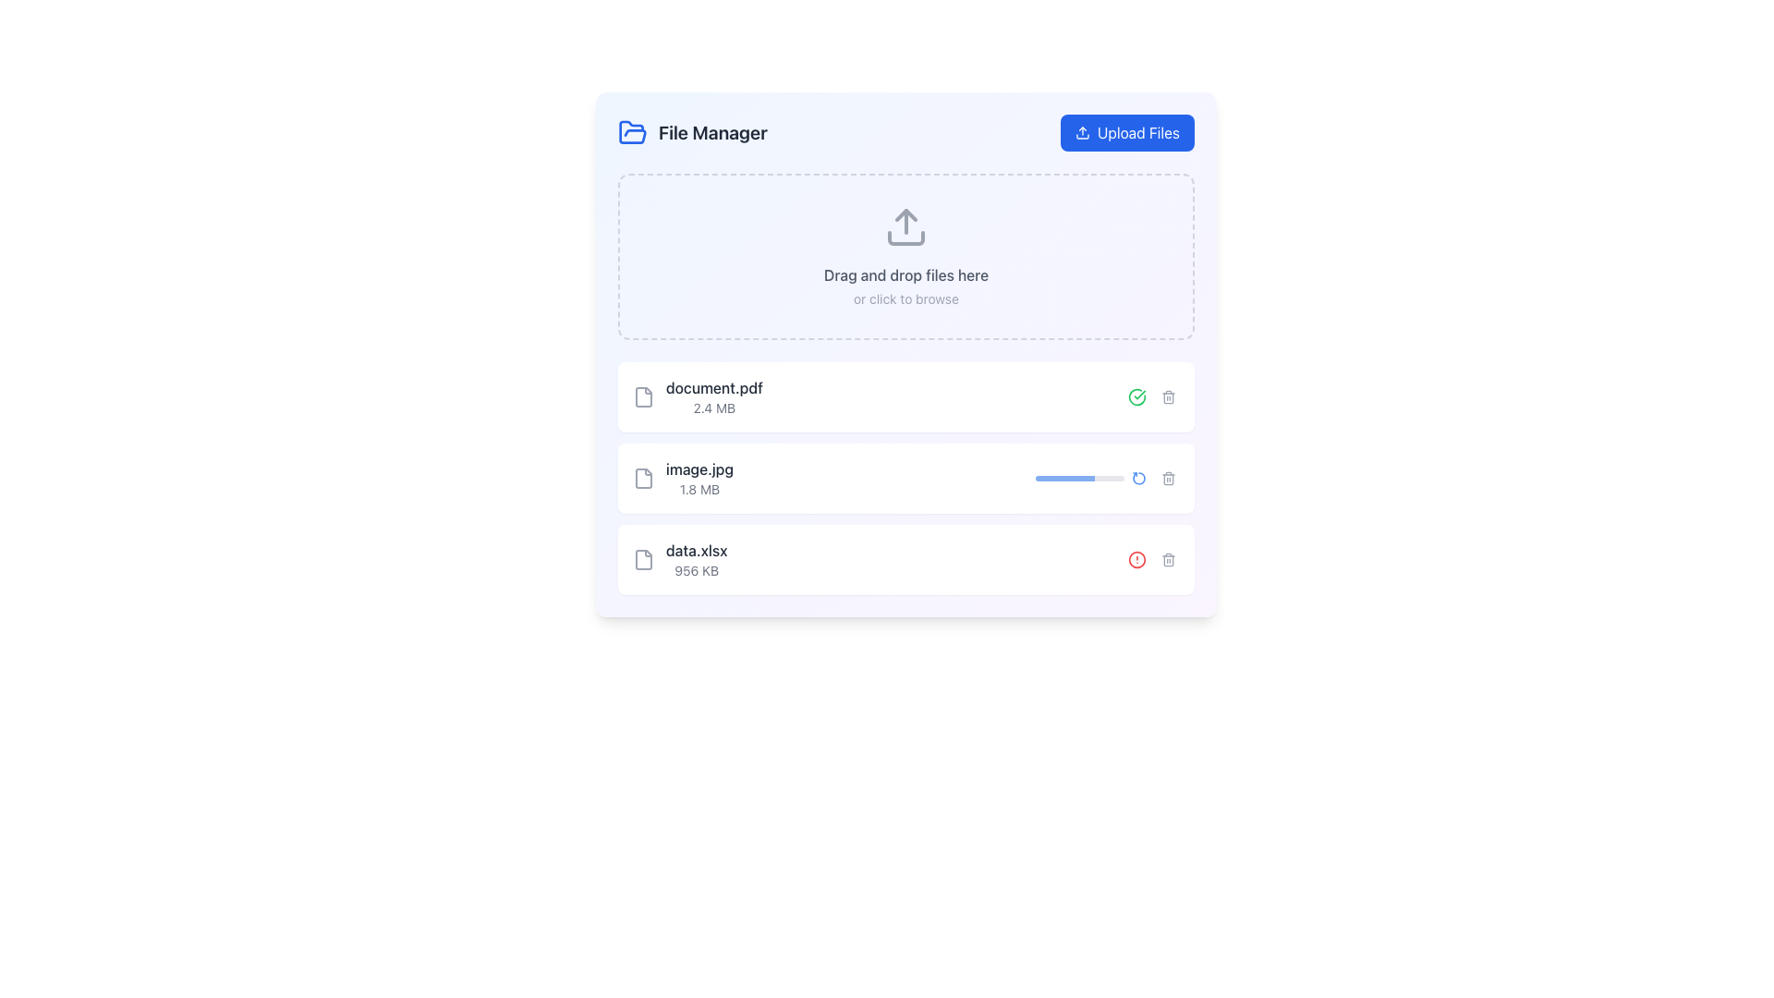 The width and height of the screenshot is (1774, 998). I want to click on the instructional text guiding users to drag and drop files into the upload area, which is located above the 'or click to browse' text, so click(905, 274).